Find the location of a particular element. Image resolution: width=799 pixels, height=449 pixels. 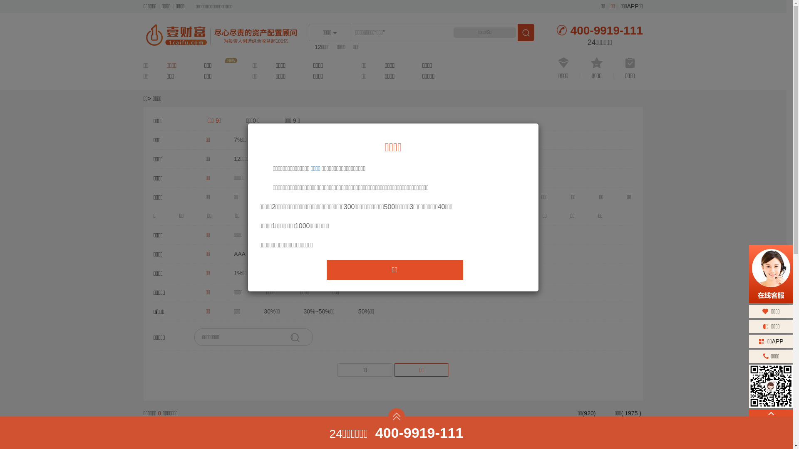

'AAA' is located at coordinates (235, 253).